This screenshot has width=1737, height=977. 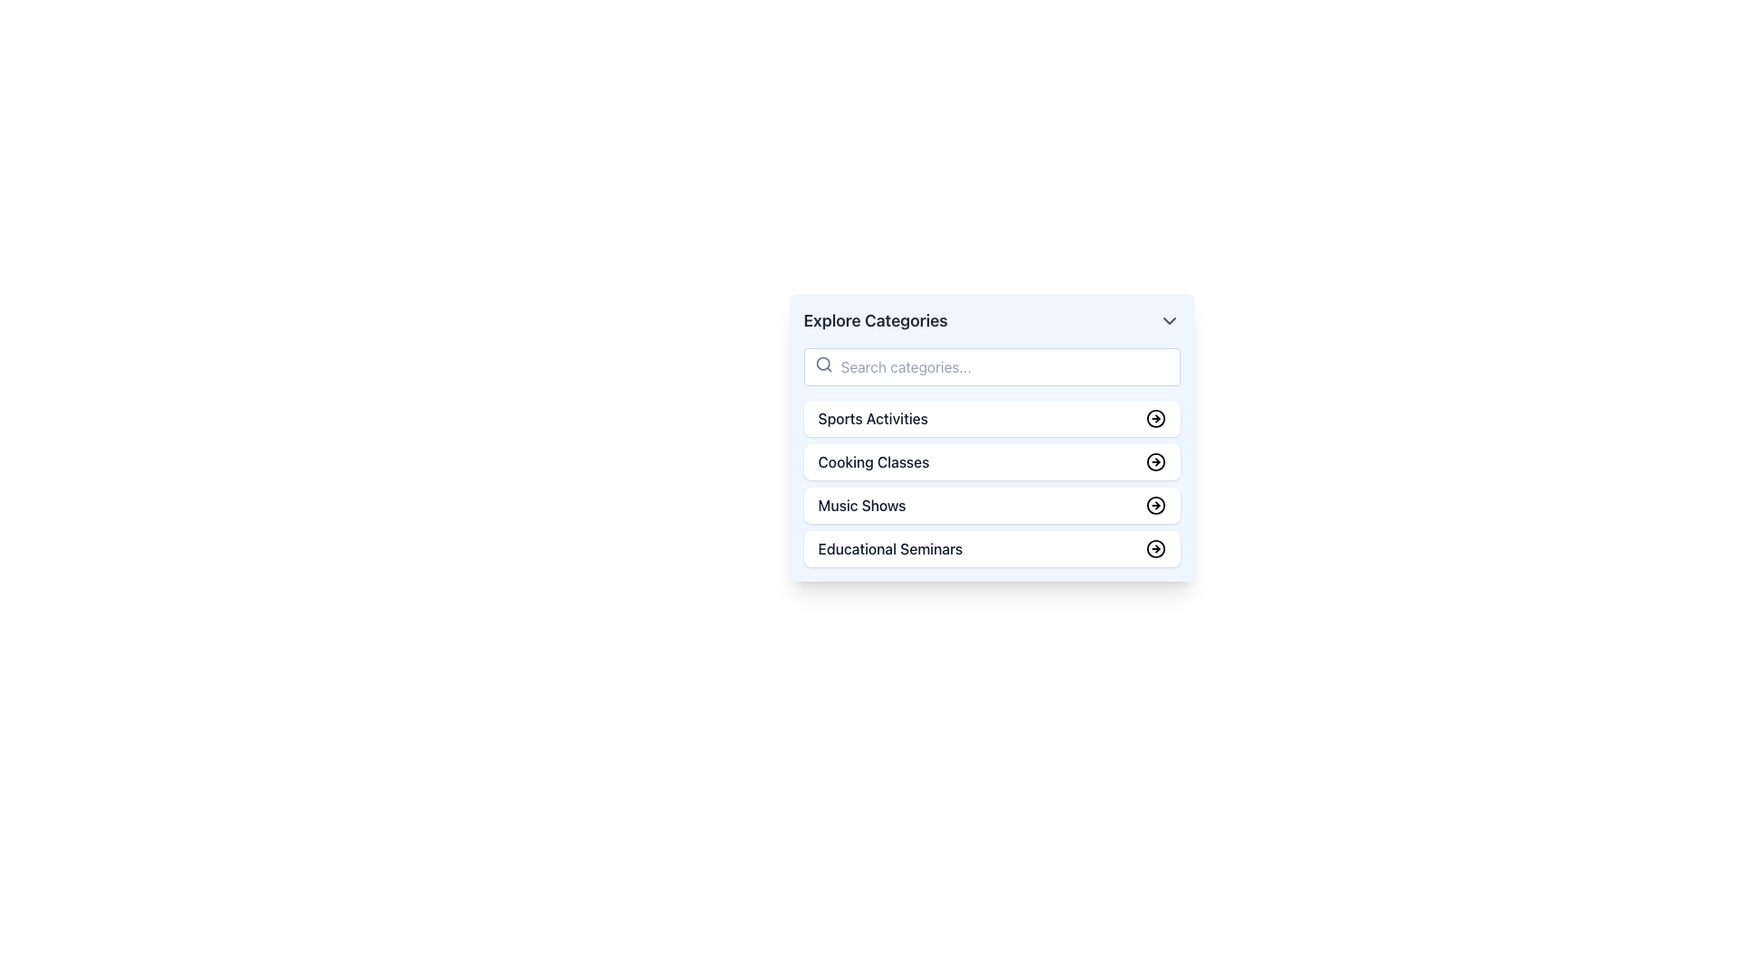 I want to click on the 'Educational Seminars' text label, which is located in the fourth list item under 'Explore Categories', so click(x=890, y=547).